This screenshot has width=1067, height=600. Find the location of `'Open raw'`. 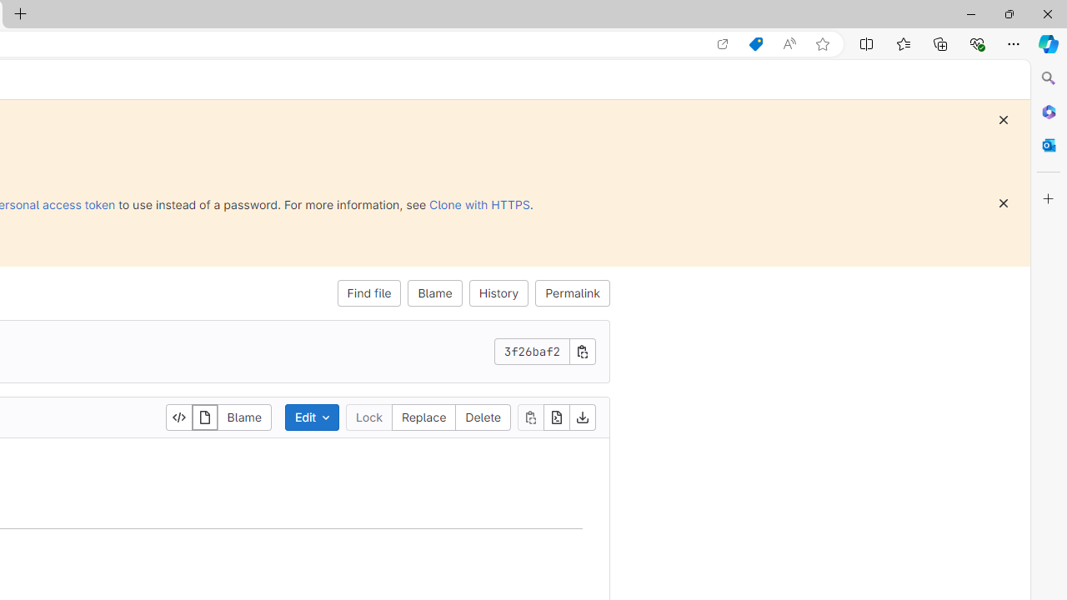

'Open raw' is located at coordinates (556, 417).